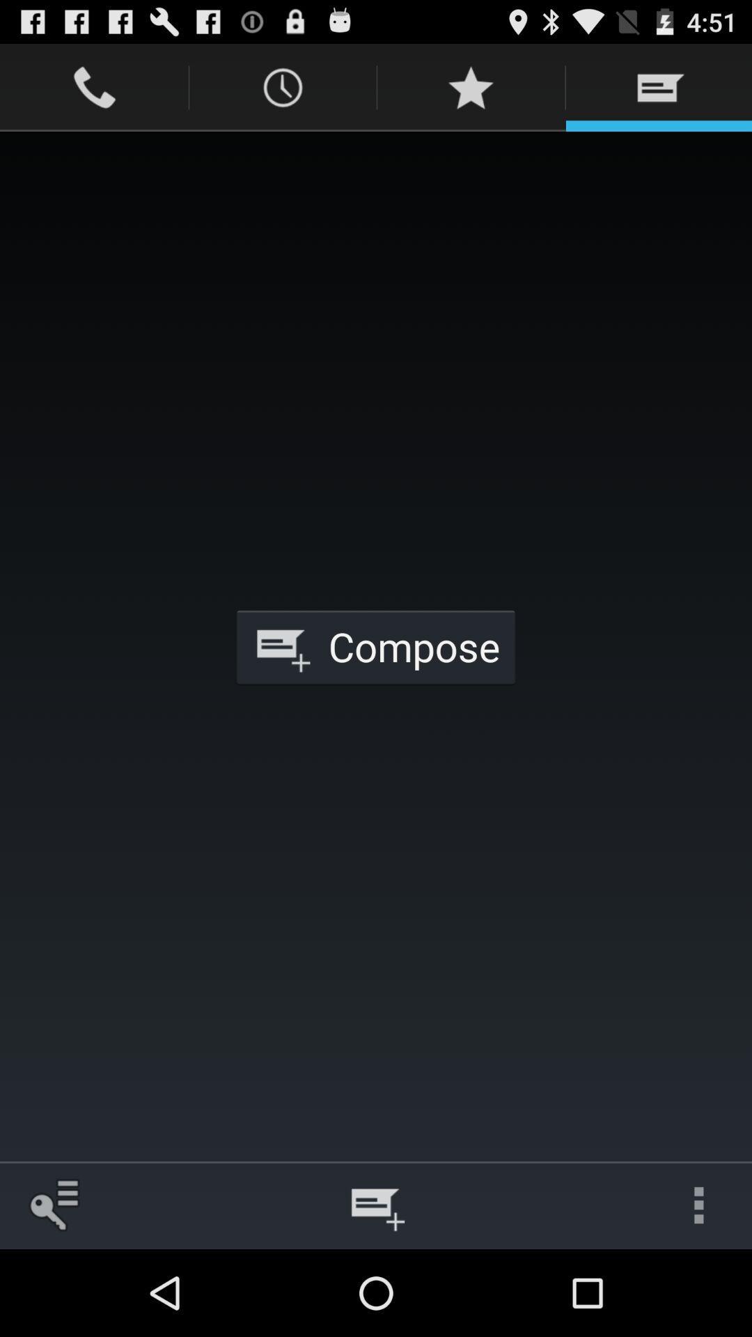 Image resolution: width=752 pixels, height=1337 pixels. Describe the element at coordinates (698, 1205) in the screenshot. I see `the icon at the bottom right corner` at that location.